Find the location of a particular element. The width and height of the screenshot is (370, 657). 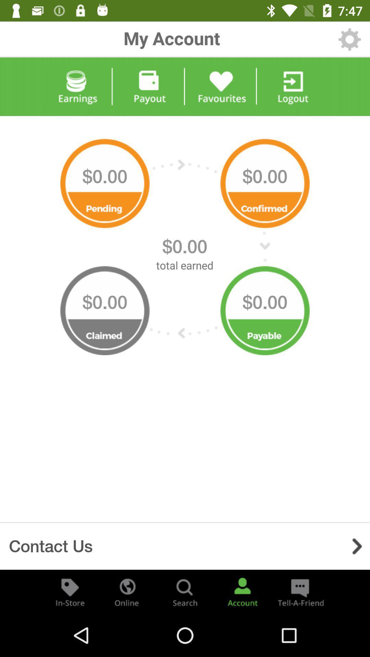

the label icon is located at coordinates (70, 591).